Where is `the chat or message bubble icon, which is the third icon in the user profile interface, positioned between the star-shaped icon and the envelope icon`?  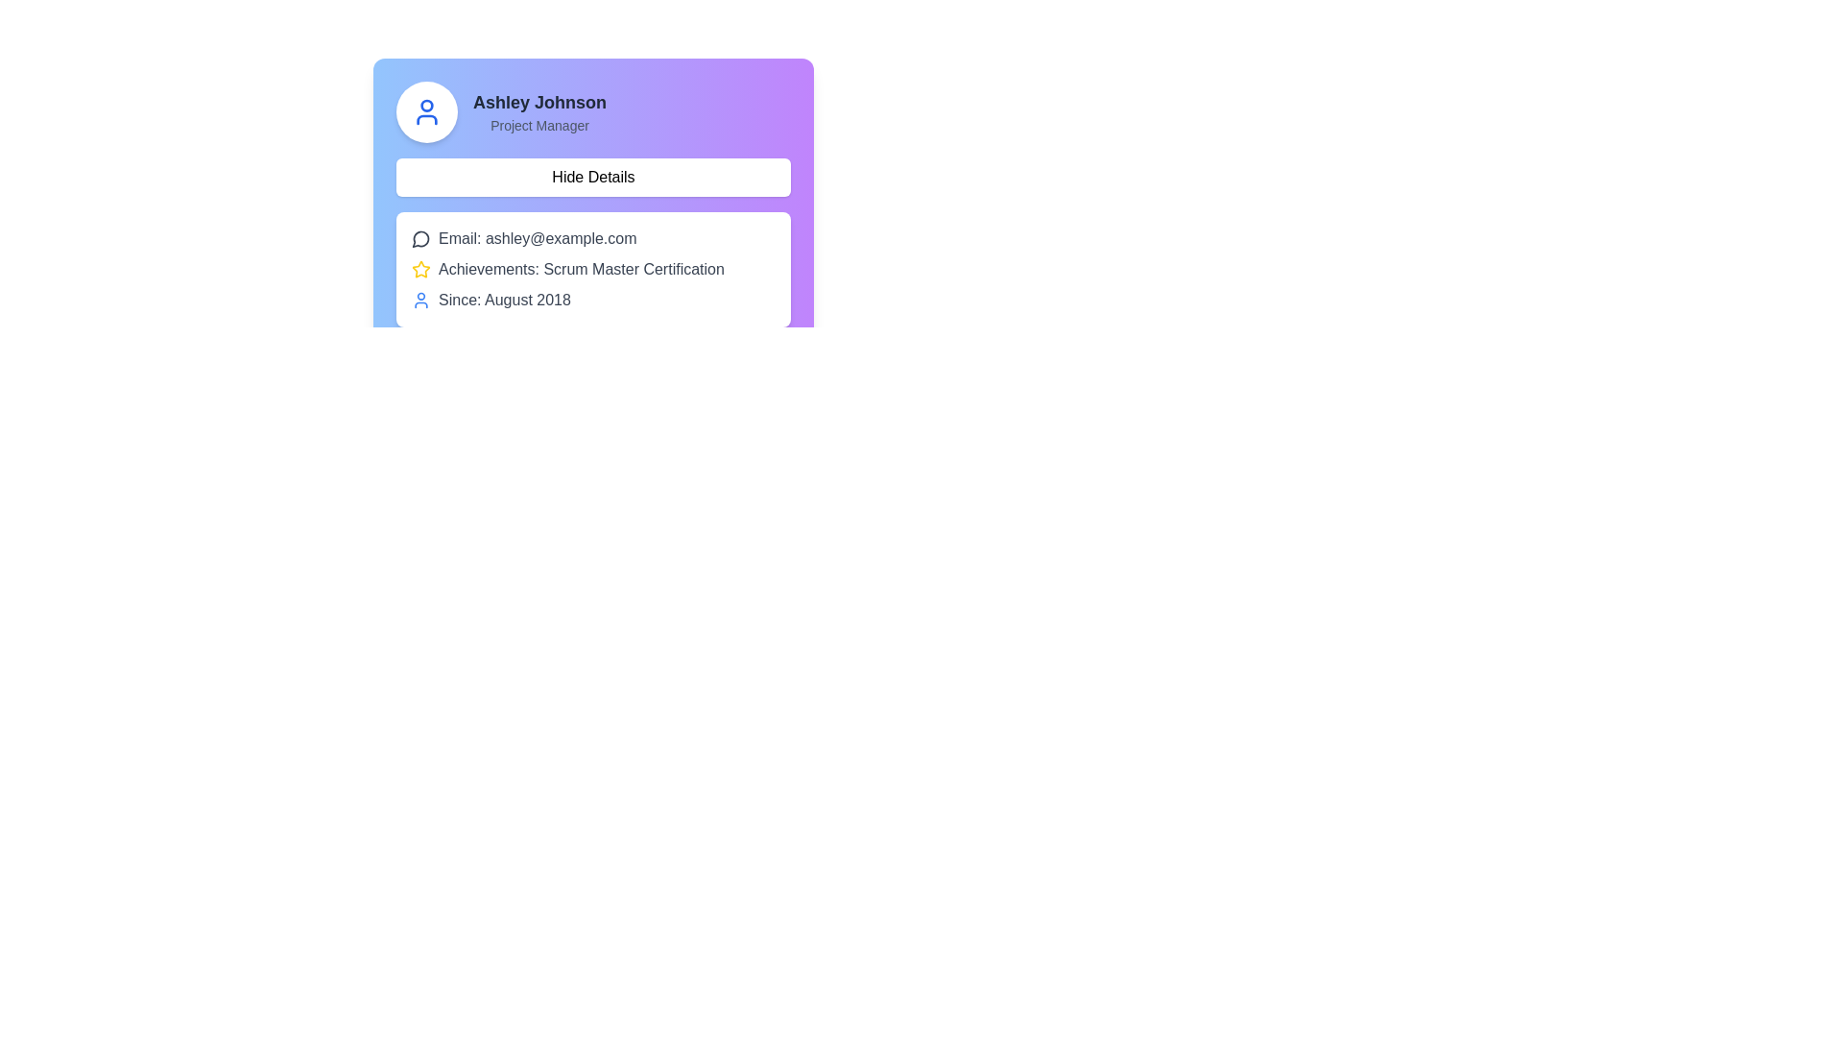
the chat or message bubble icon, which is the third icon in the user profile interface, positioned between the star-shaped icon and the envelope icon is located at coordinates (419, 238).